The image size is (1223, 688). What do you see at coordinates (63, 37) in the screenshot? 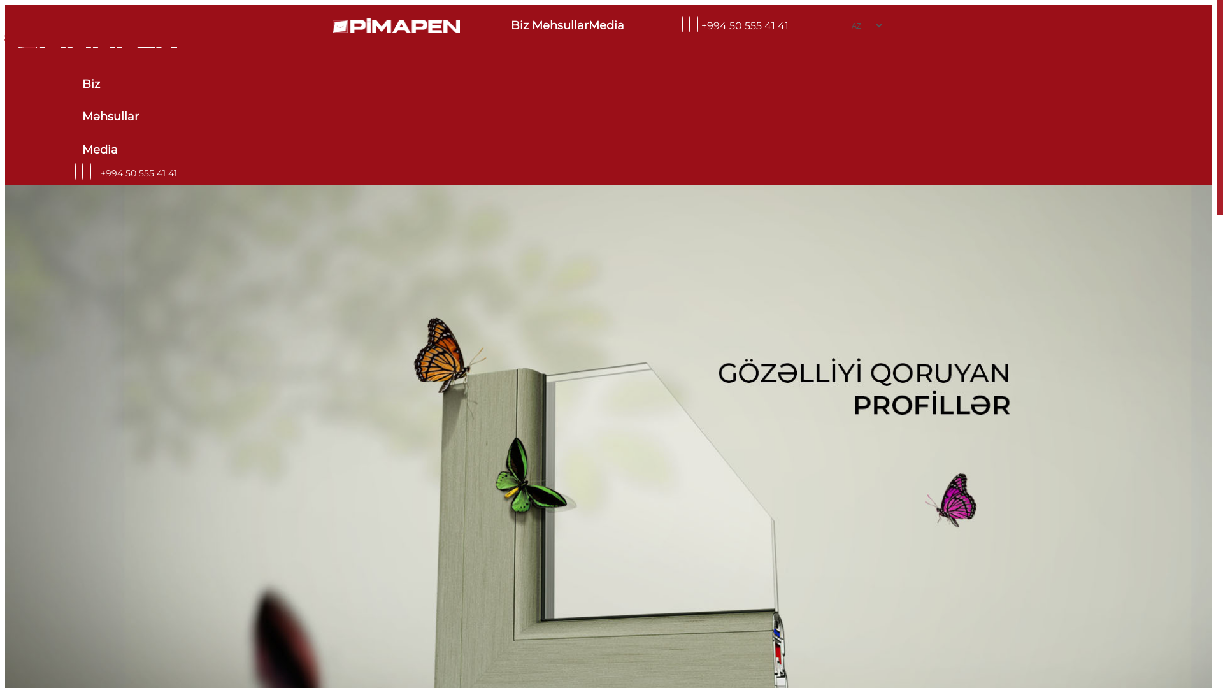
I see `'VIDEO'` at bounding box center [63, 37].